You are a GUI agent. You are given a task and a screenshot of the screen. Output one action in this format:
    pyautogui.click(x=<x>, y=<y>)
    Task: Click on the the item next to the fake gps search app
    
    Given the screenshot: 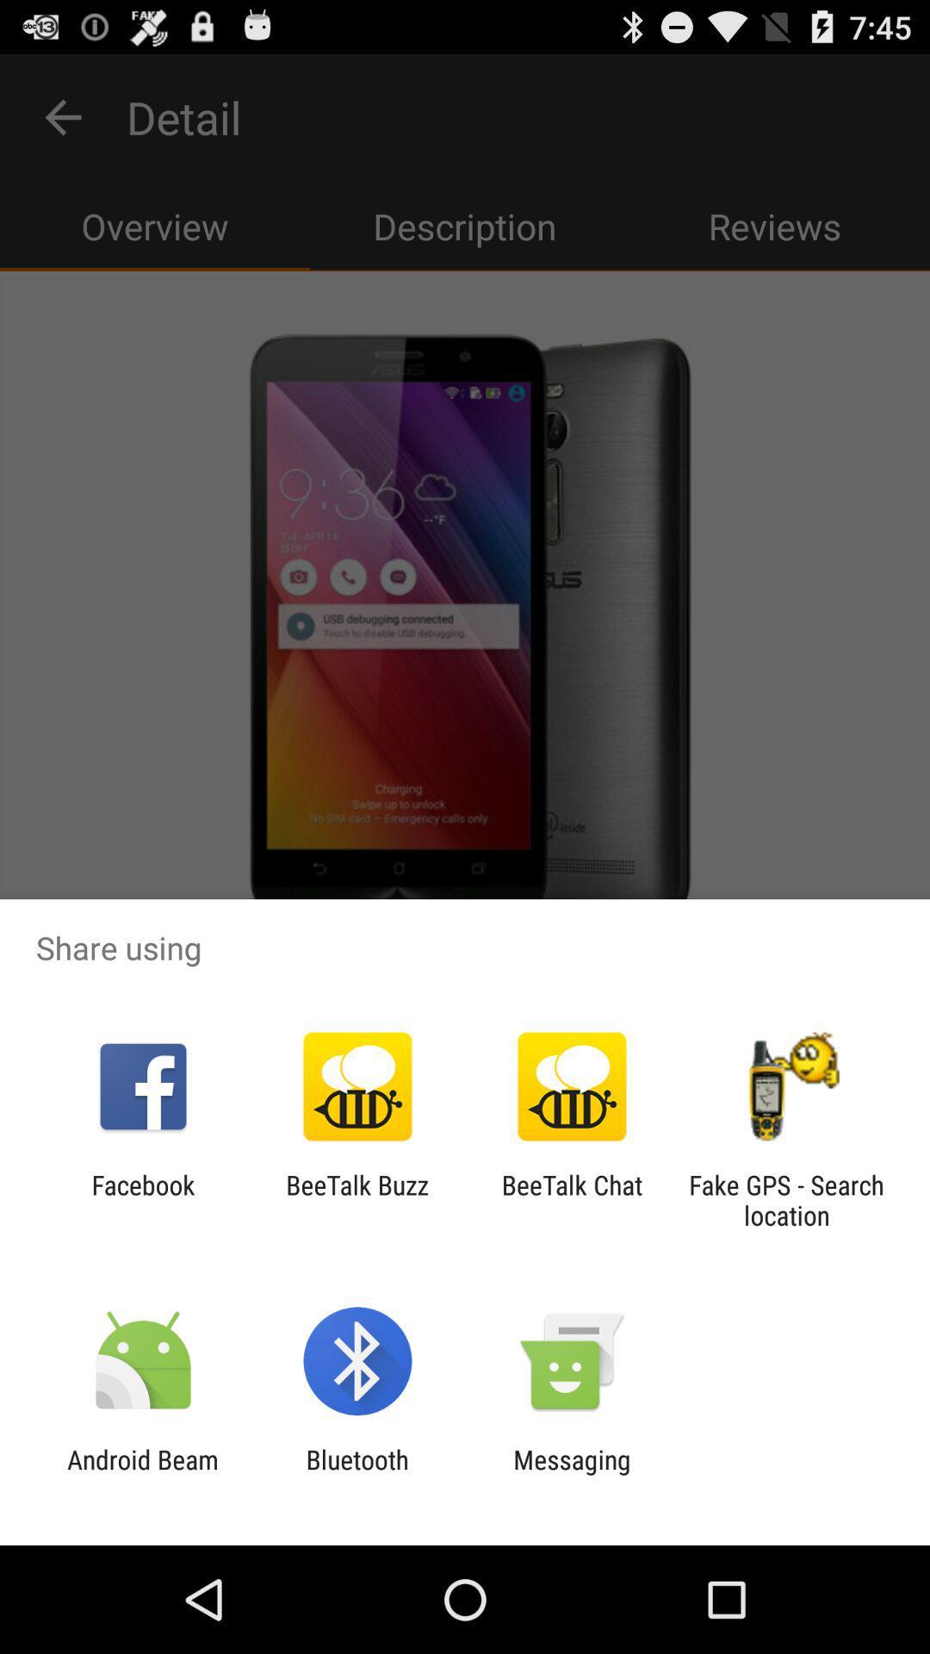 What is the action you would take?
    pyautogui.click(x=572, y=1199)
    